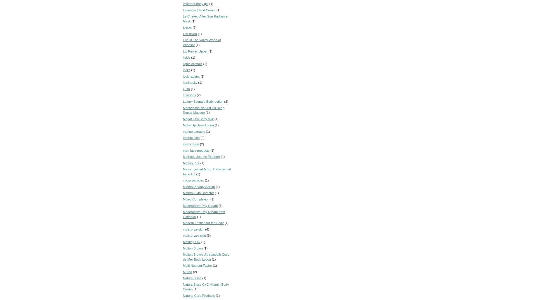 This screenshot has height=300, width=556. Describe the element at coordinates (206, 286) in the screenshot. I see `'Natura Bisse C+C Vitamin Body Cream'` at that location.